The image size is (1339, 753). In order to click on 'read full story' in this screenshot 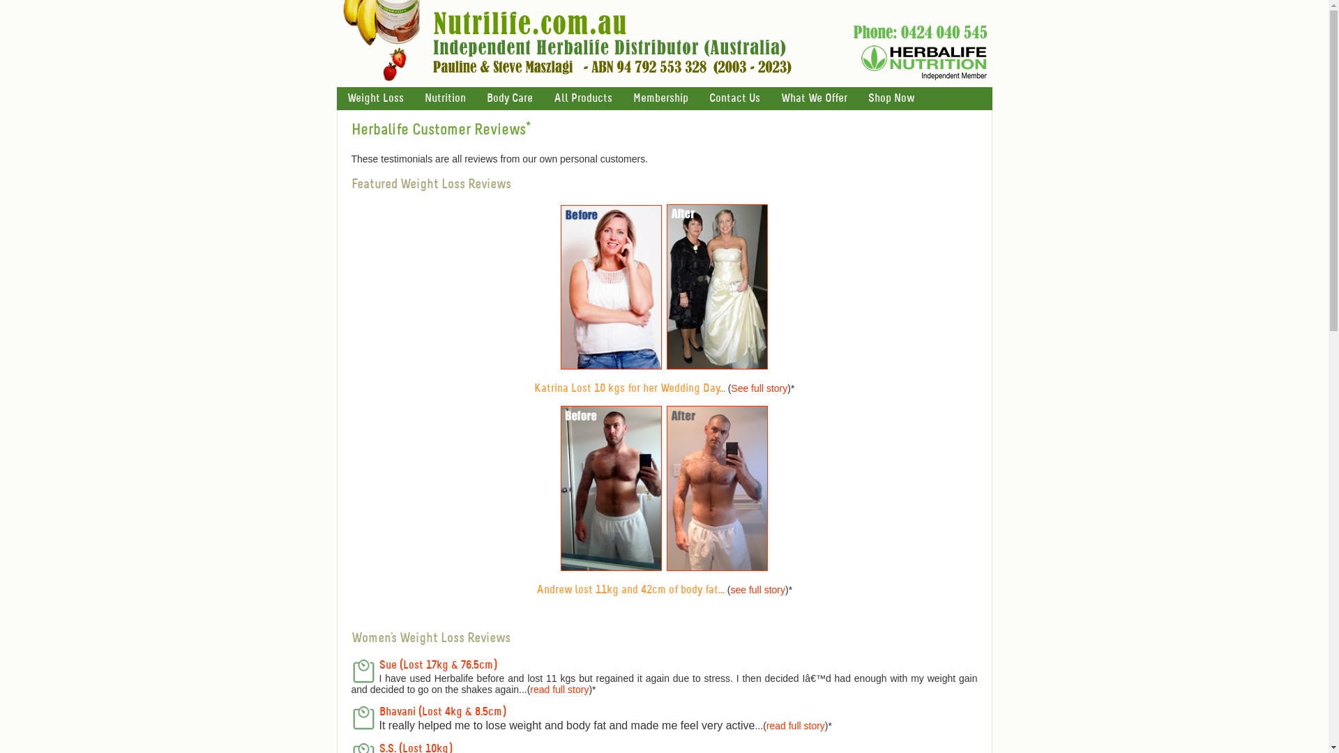, I will do `click(766, 725)`.